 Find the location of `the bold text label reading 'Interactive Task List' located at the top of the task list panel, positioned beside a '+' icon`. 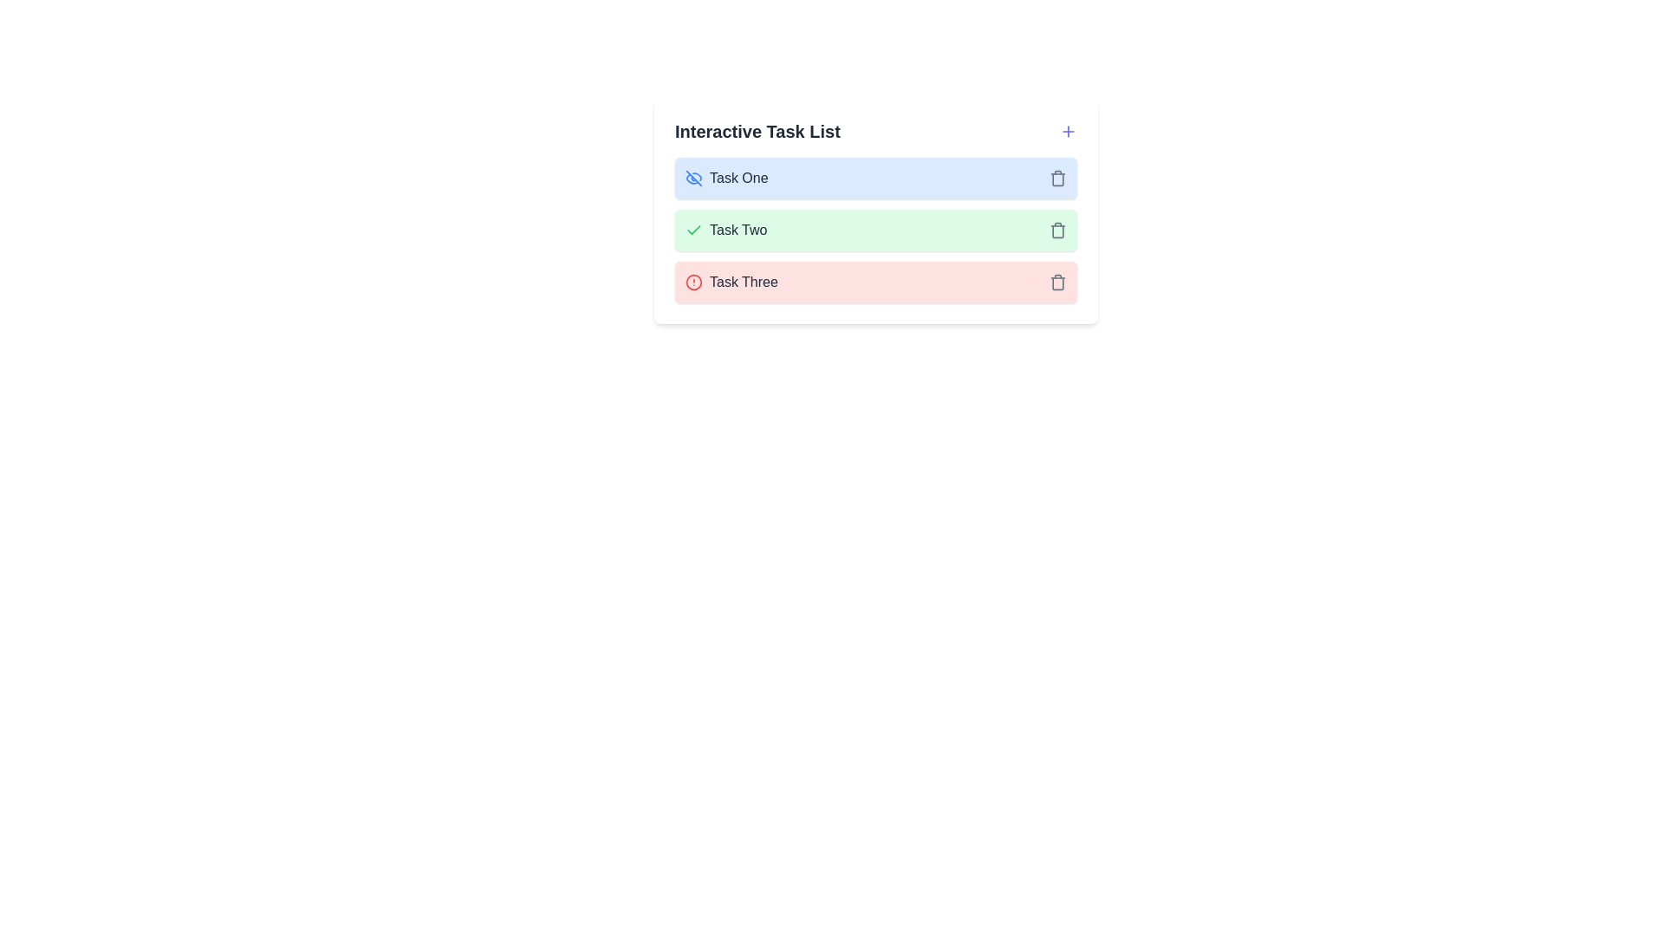

the bold text label reading 'Interactive Task List' located at the top of the task list panel, positioned beside a '+' icon is located at coordinates (757, 130).